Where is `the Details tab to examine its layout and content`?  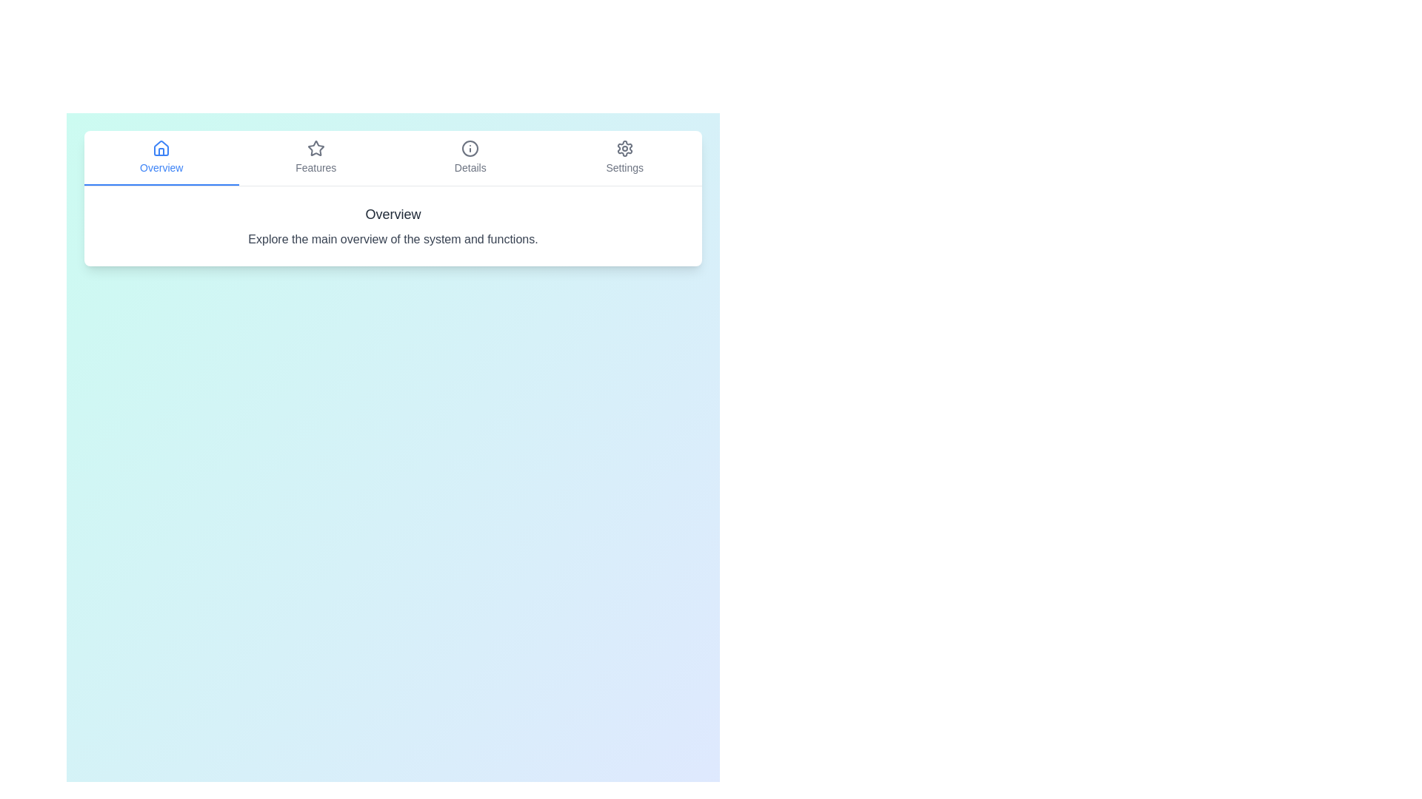 the Details tab to examine its layout and content is located at coordinates (470, 158).